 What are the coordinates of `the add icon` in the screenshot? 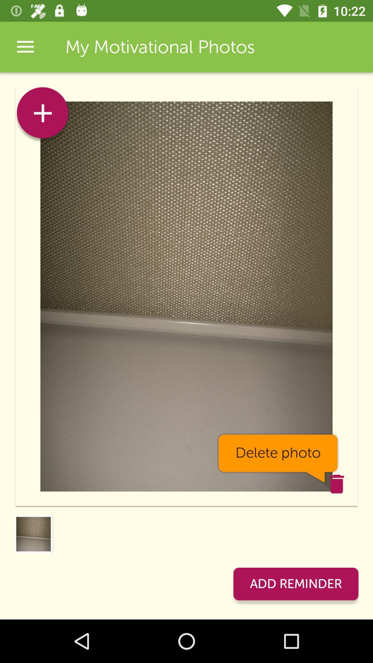 It's located at (42, 115).